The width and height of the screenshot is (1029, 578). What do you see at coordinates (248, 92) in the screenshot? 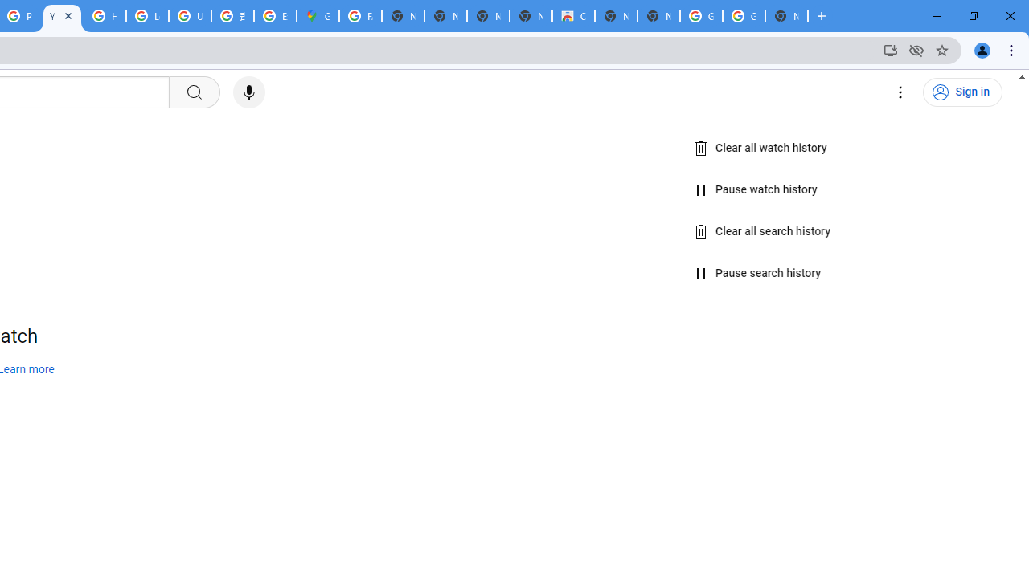
I see `'Search with your voice'` at bounding box center [248, 92].